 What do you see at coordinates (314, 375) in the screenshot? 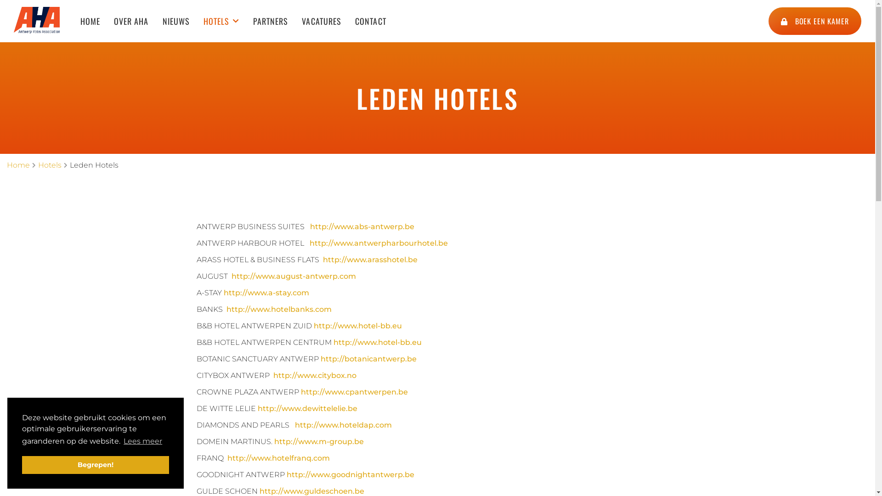
I see `'http://www.citybox.no'` at bounding box center [314, 375].